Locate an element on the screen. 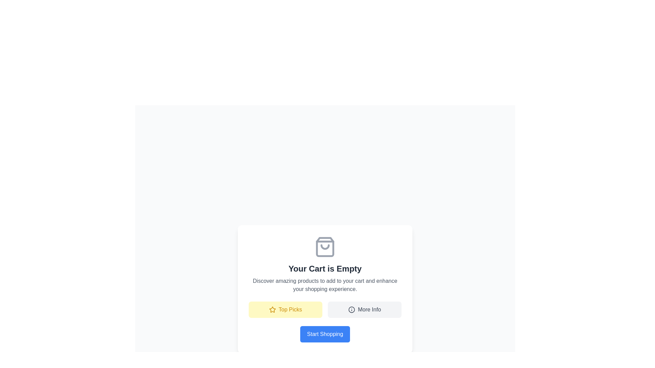 This screenshot has height=368, width=655. the rectangular blue button labeled 'Start Shopping' located at the bottom center of the white card interface to initiate the shopping action is located at coordinates (324, 334).